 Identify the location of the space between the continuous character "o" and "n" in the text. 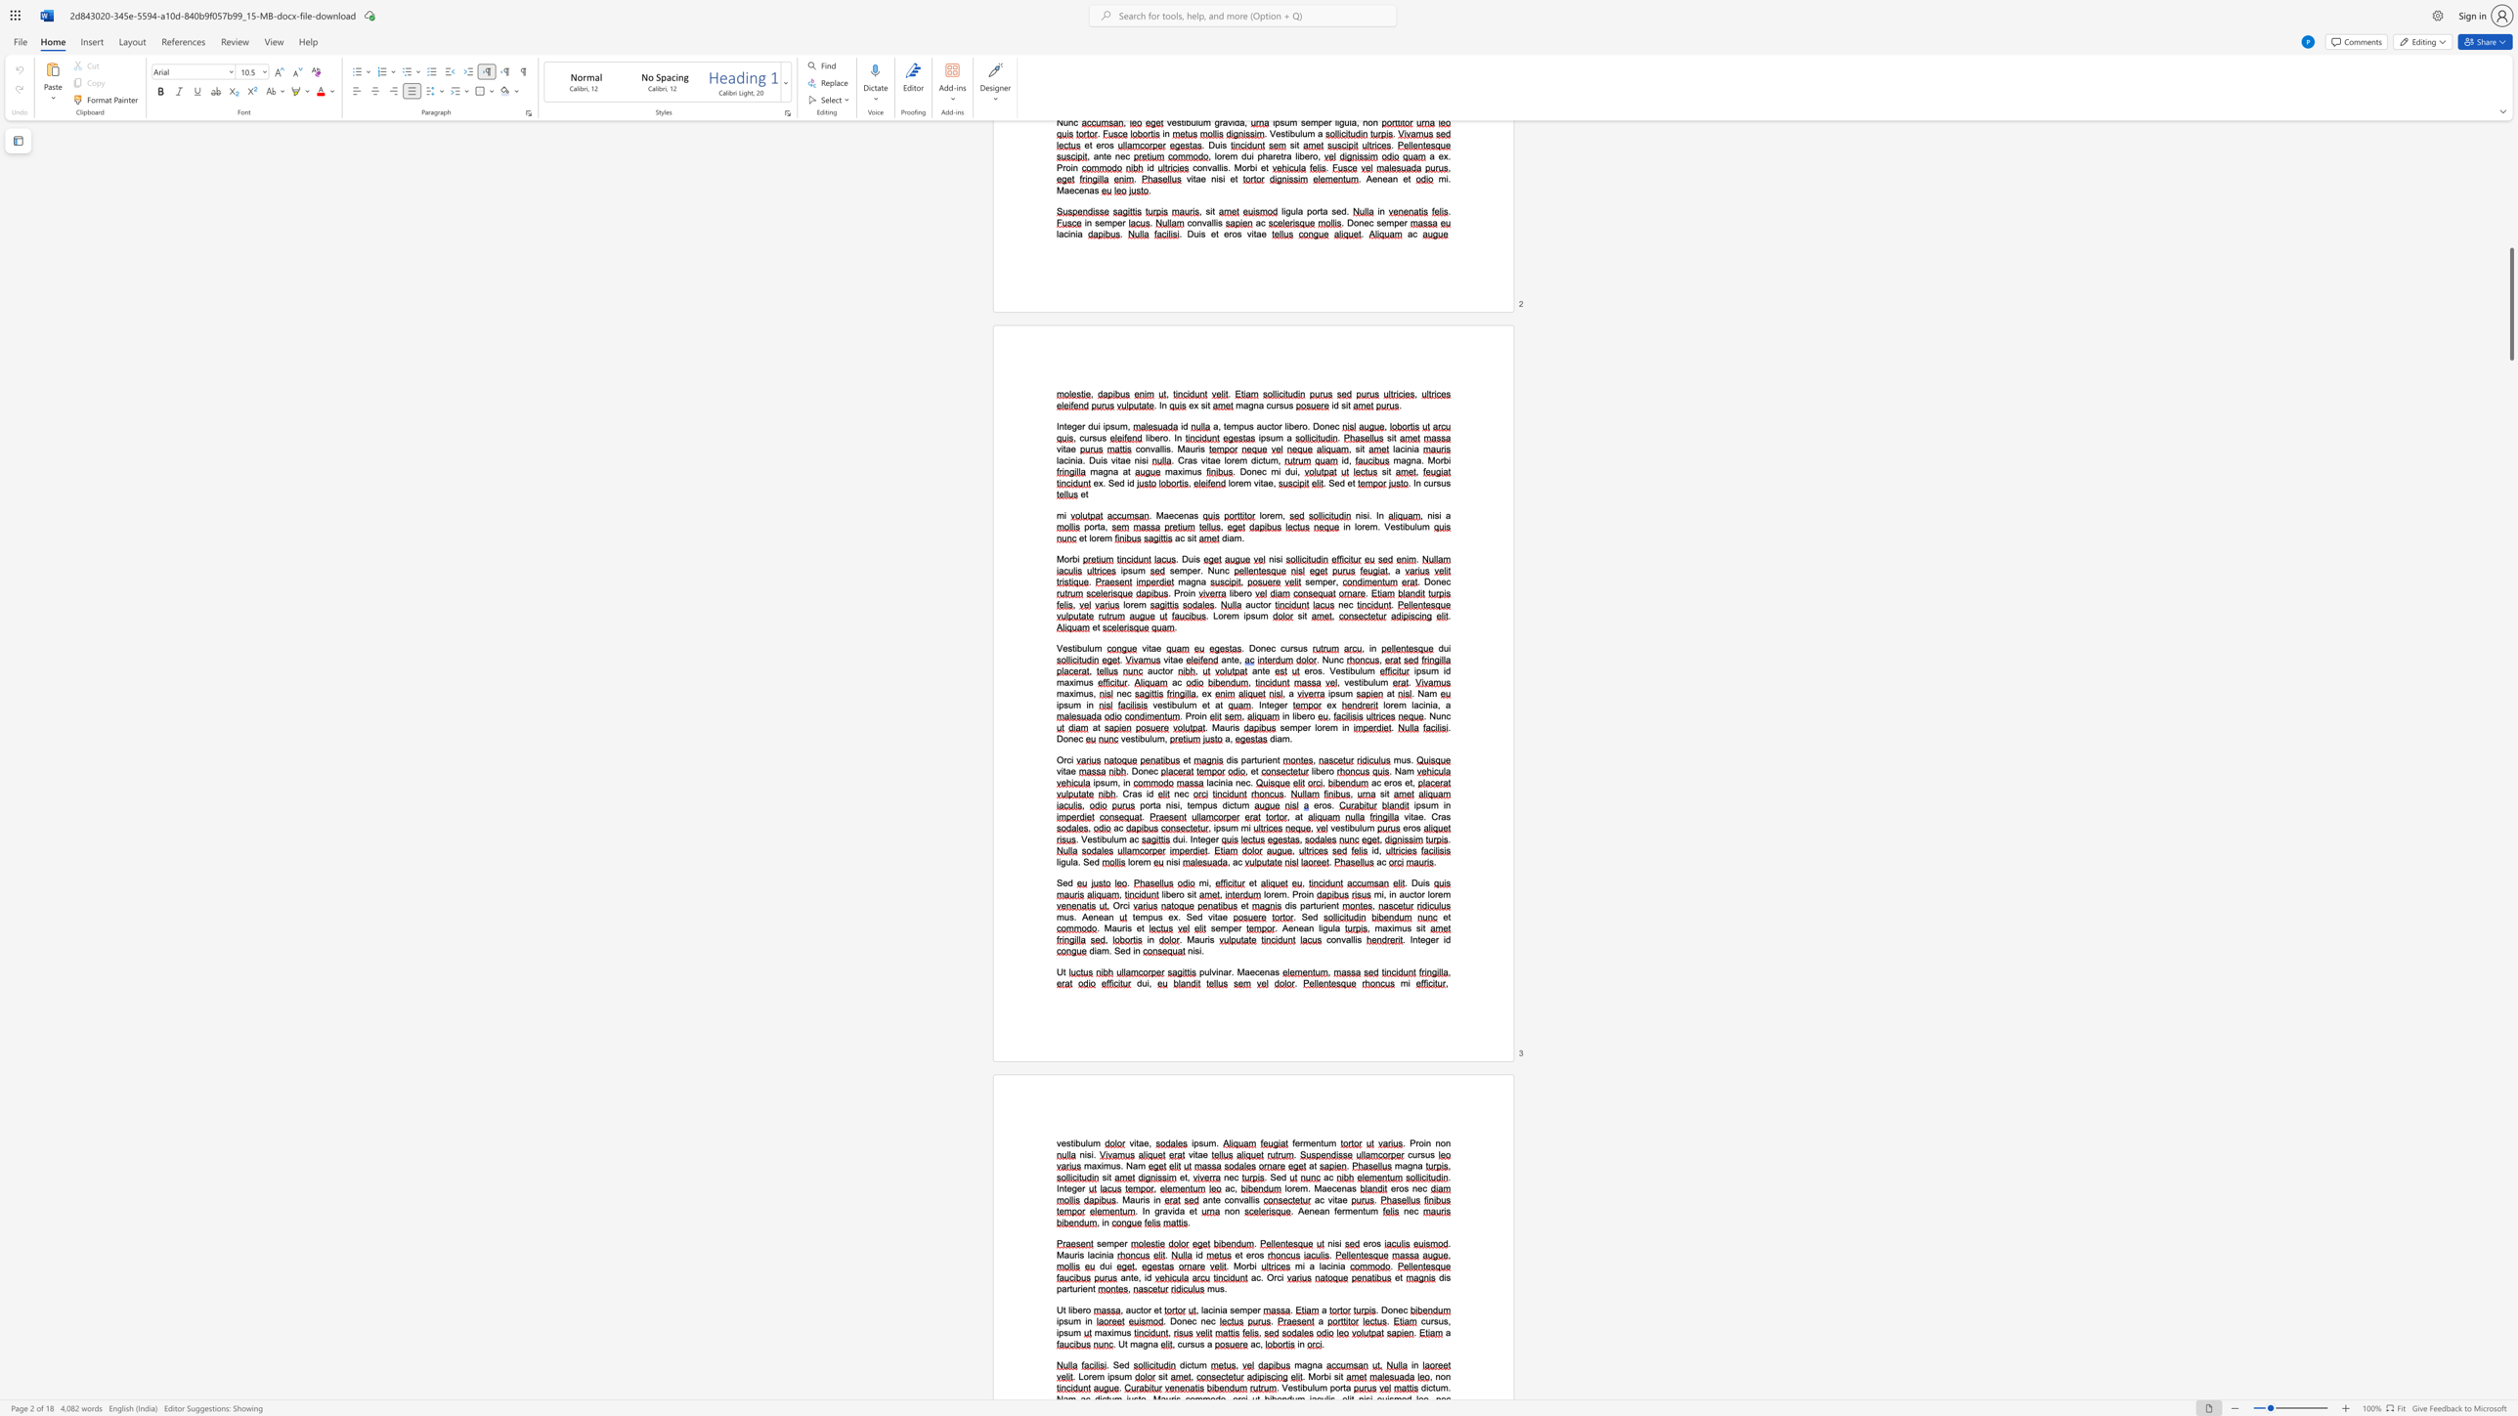
(1334, 938).